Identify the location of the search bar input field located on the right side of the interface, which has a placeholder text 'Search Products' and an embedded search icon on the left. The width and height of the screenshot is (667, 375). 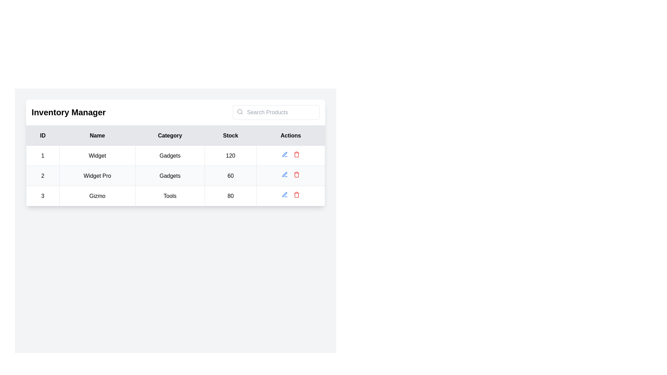
(276, 112).